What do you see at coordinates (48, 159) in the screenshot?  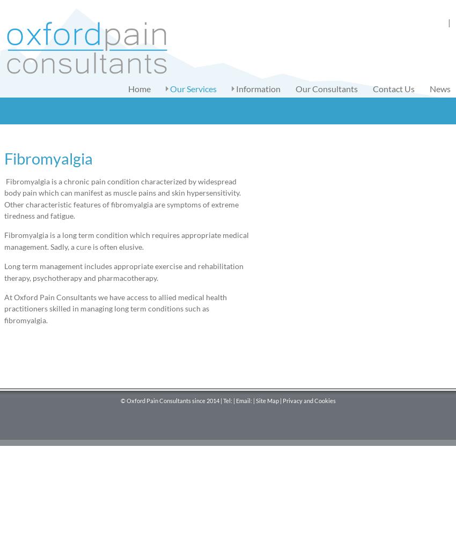 I see `'Fibromyalgia'` at bounding box center [48, 159].